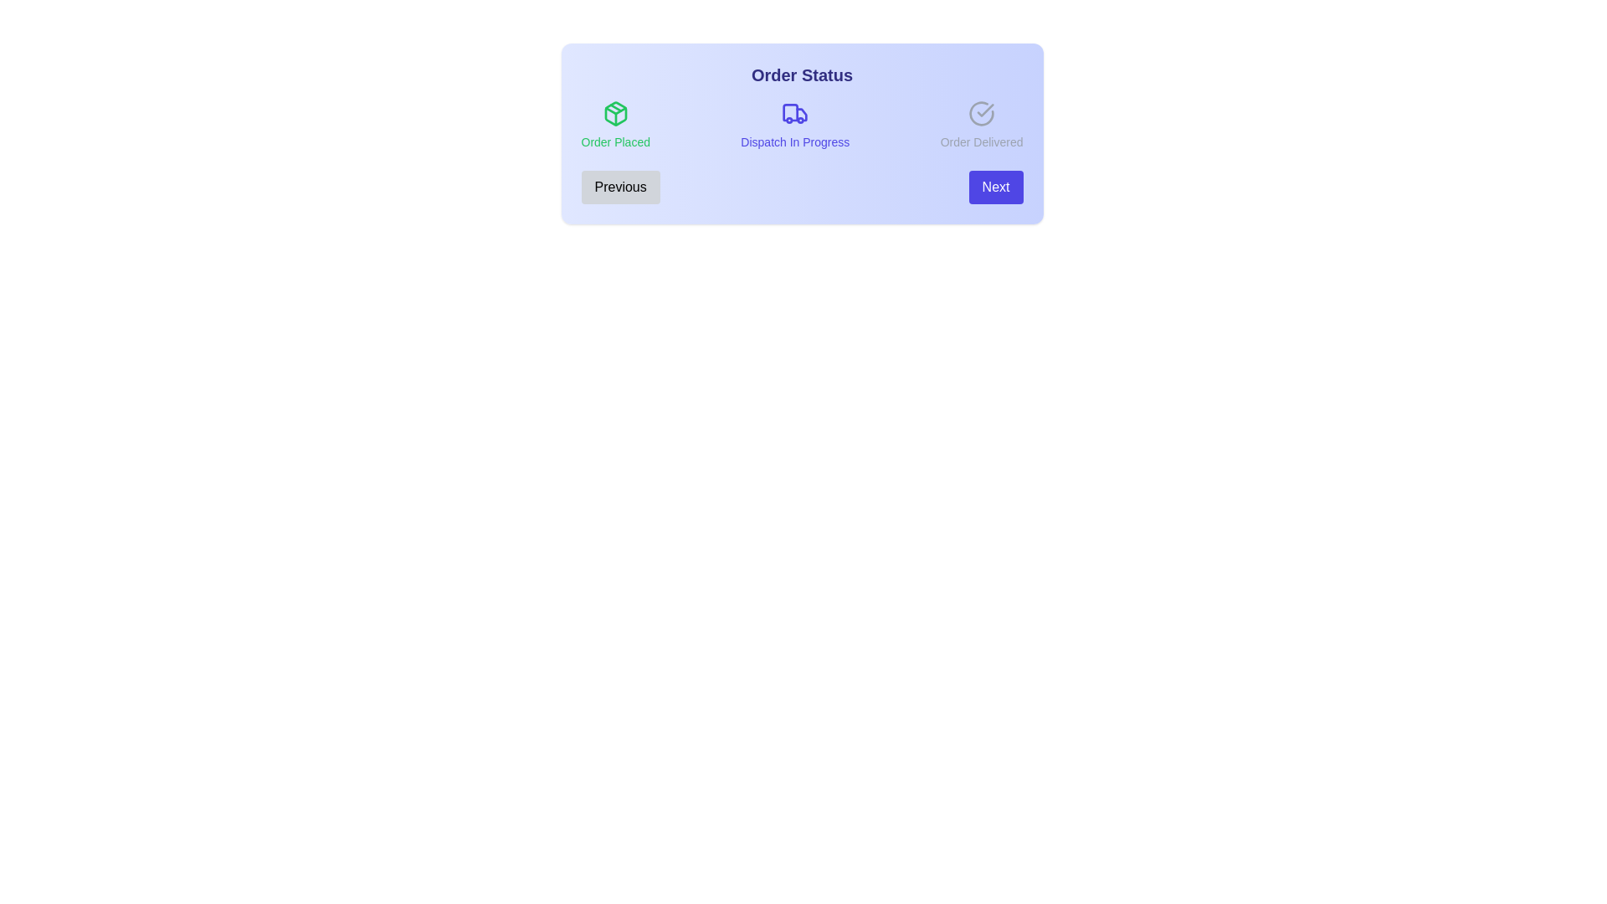  I want to click on the Status Indicator element, which is a gray checkmark icon in a circle, positioned above the 'Order Delivered' text at the end of the horizontal progression bar, so click(982, 125).